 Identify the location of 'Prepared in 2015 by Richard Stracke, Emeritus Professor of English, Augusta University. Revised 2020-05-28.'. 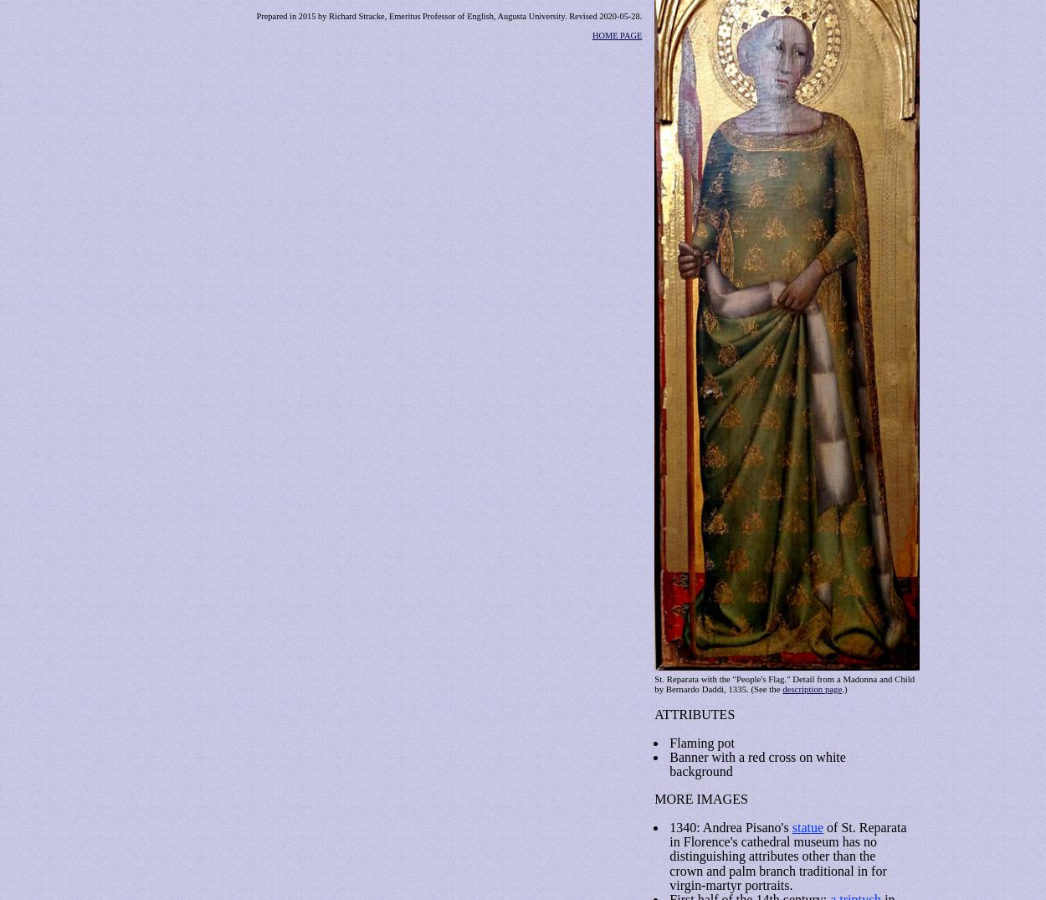
(449, 14).